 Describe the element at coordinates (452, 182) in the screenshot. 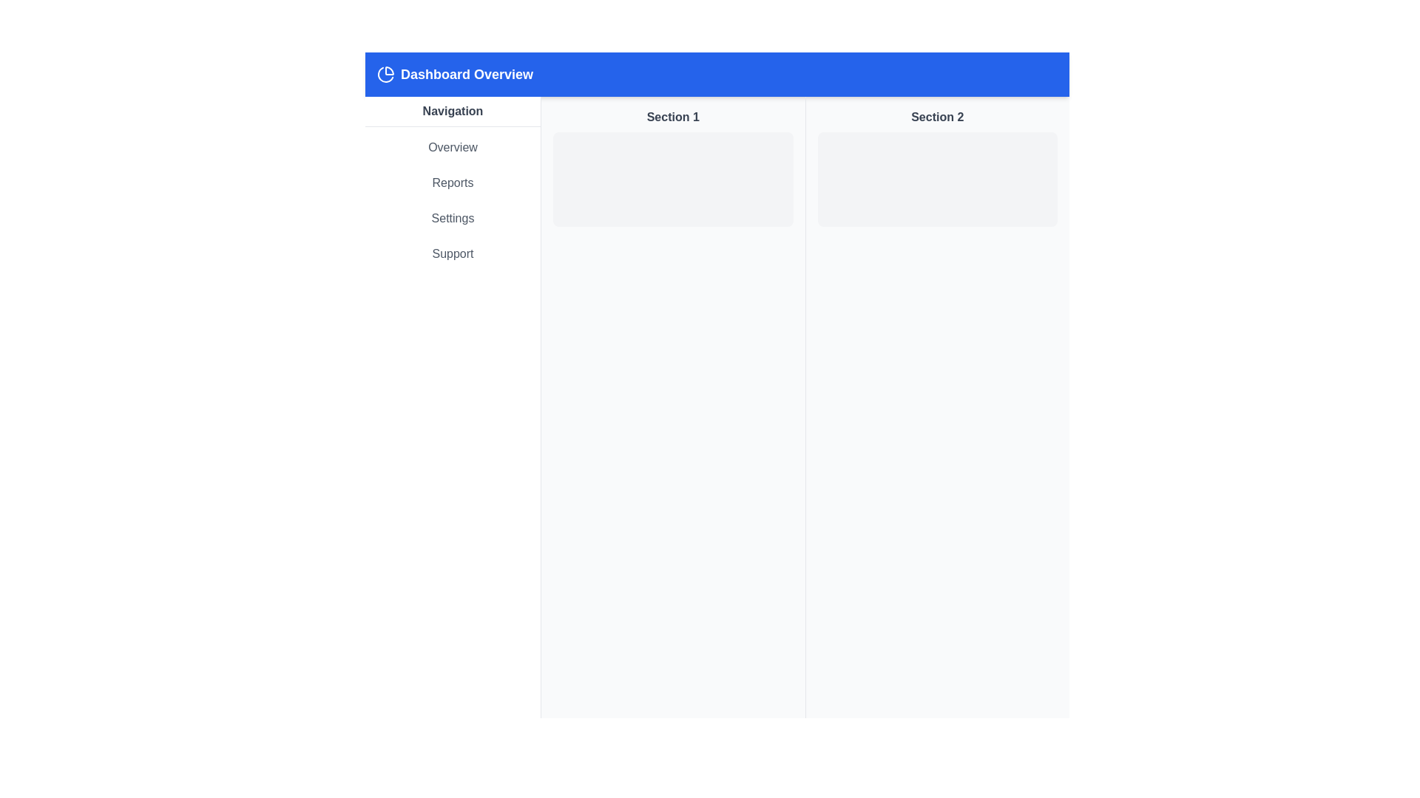

I see `the navigation link located in the left-hand navigation panel, positioned below 'Overview' and above 'Settings'` at that location.